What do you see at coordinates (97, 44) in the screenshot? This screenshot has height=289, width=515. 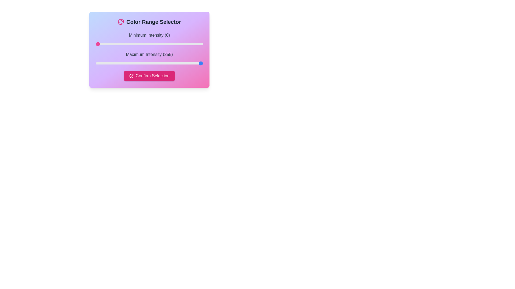 I see `the slider to set the intensity to 3` at bounding box center [97, 44].